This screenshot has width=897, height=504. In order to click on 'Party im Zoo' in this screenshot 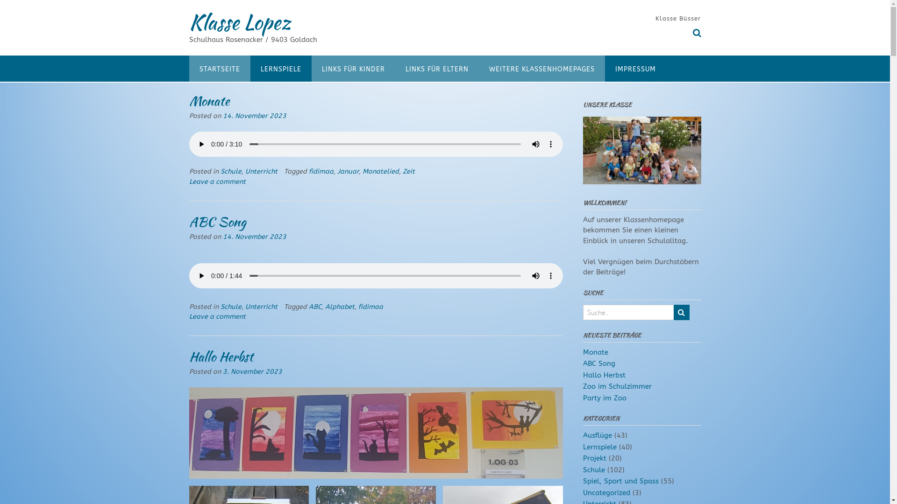, I will do `click(605, 398)`.